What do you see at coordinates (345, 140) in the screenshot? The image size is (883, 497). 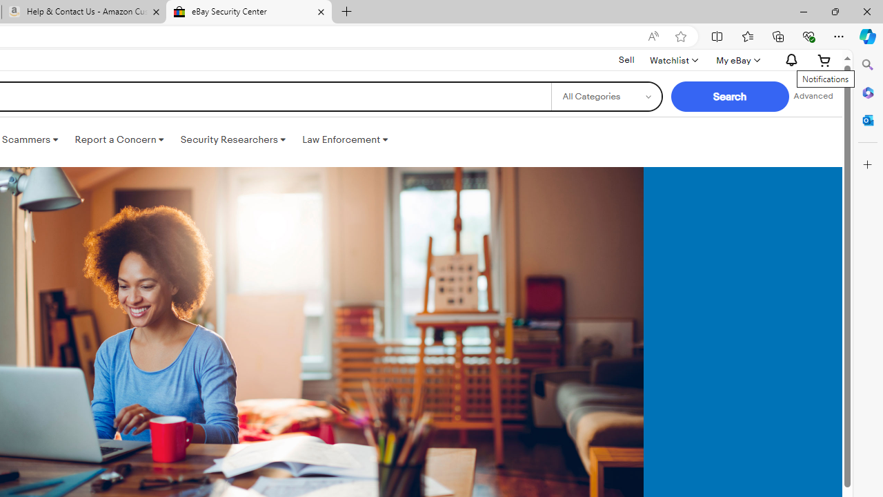 I see `'Law Enforcement '` at bounding box center [345, 140].